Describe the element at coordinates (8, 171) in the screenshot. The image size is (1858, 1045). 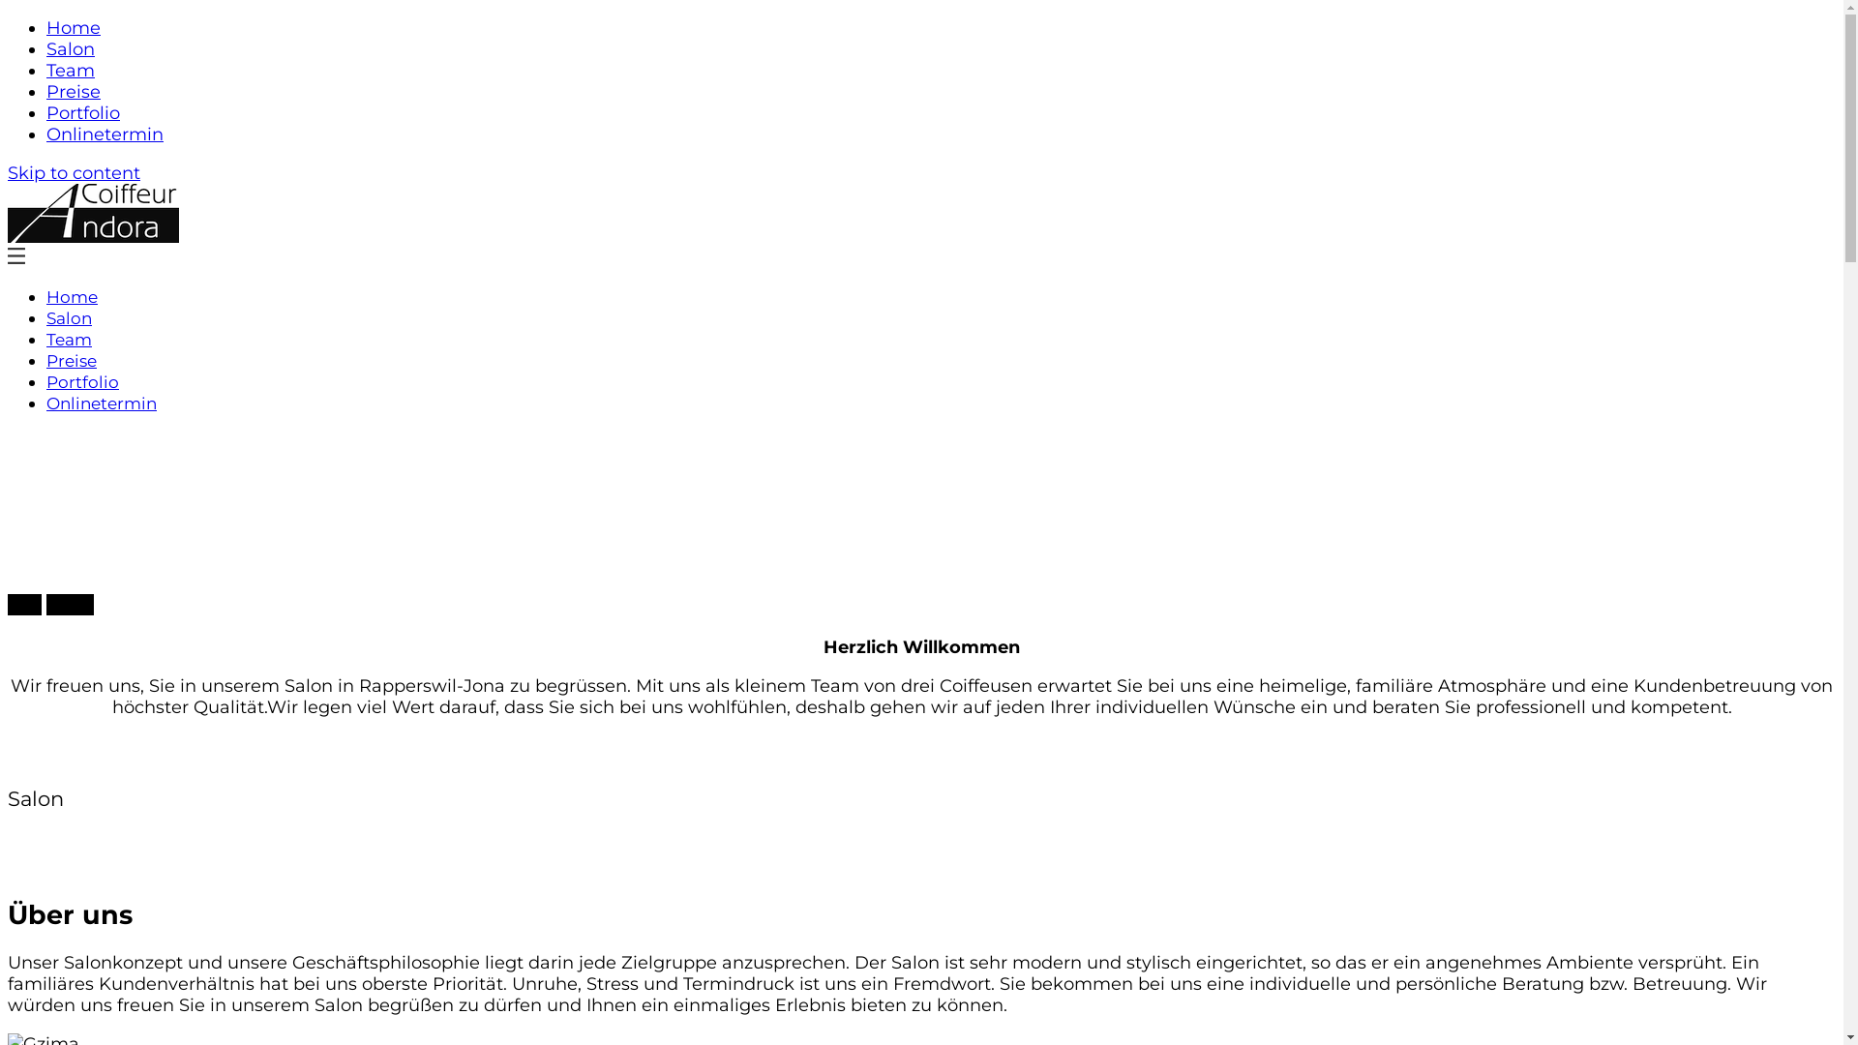
I see `'Skip to content'` at that location.